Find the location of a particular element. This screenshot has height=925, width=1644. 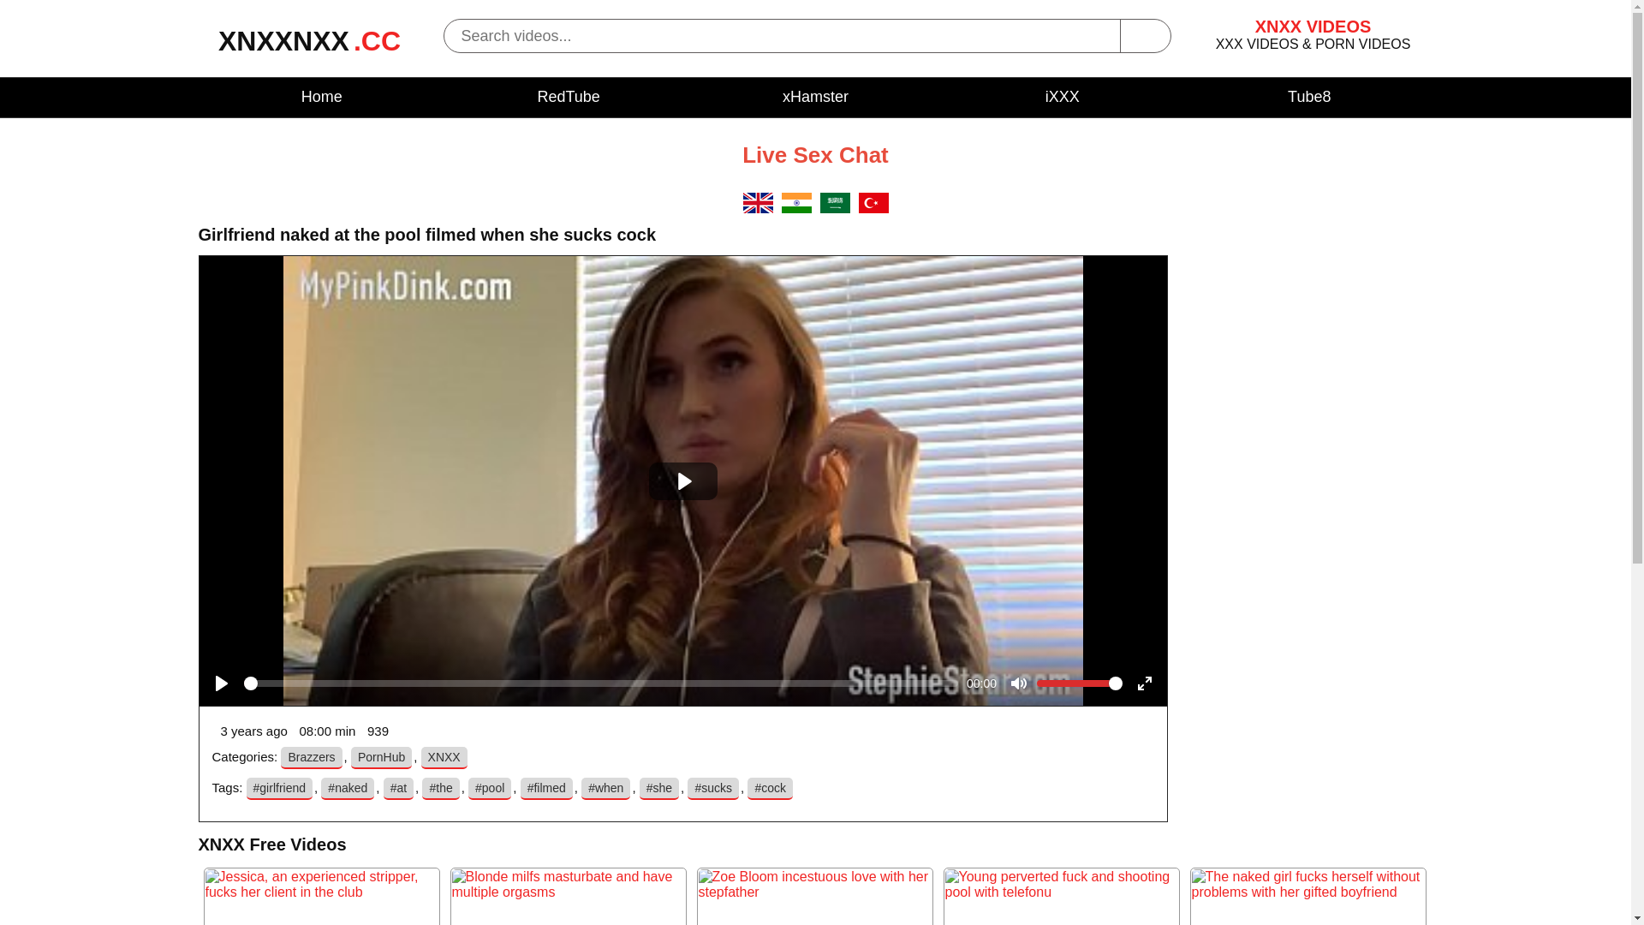

'Brazzers' is located at coordinates (311, 756).